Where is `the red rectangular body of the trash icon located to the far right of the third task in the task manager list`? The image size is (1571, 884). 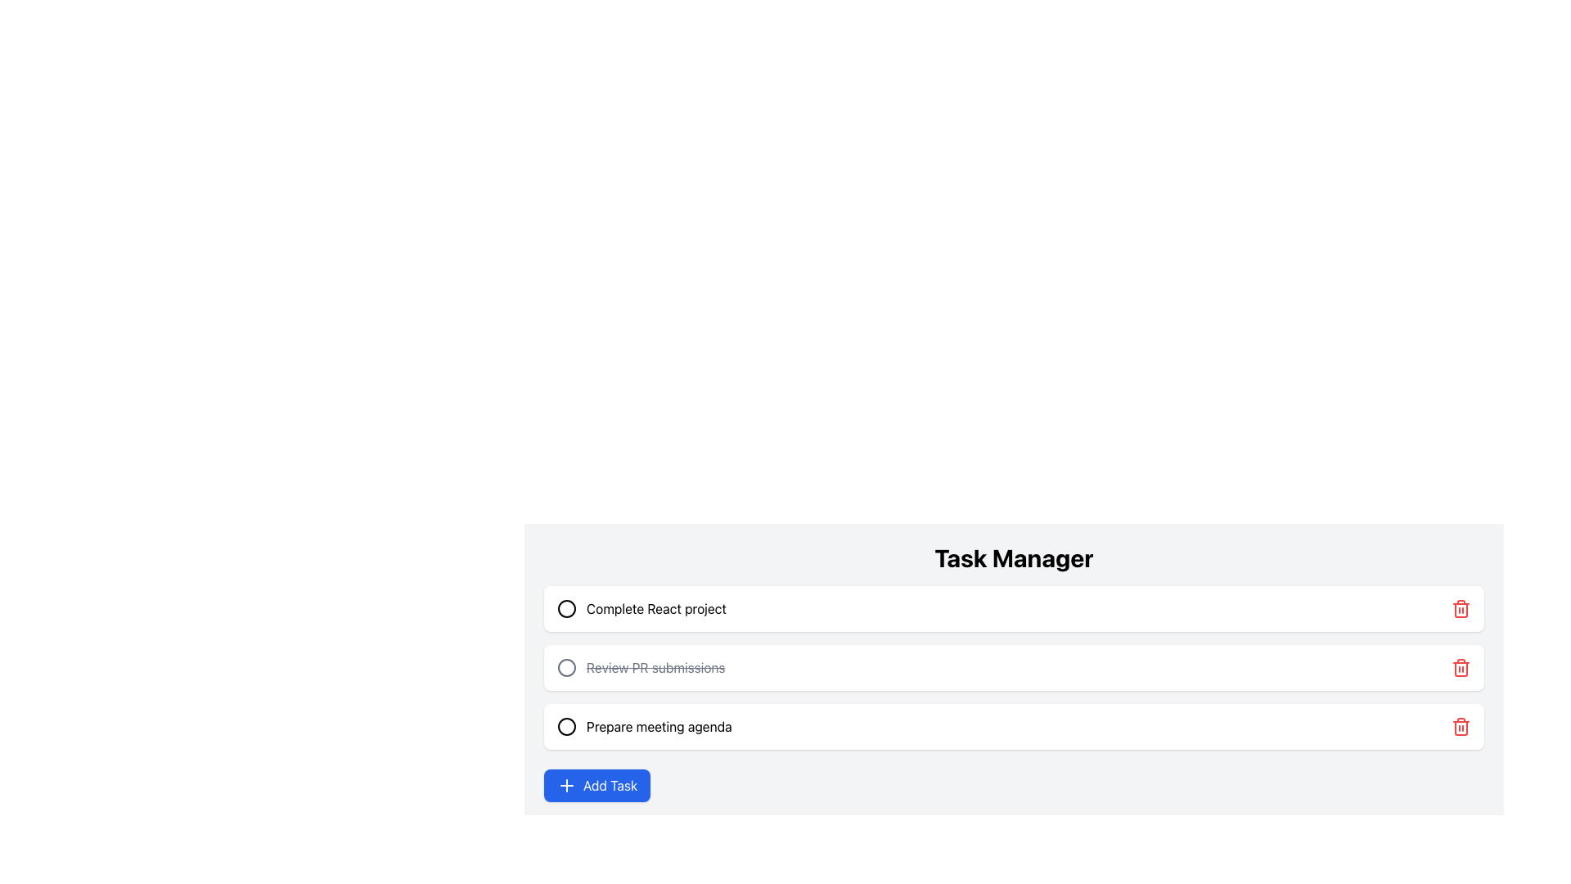
the red rectangular body of the trash icon located to the far right of the third task in the task manager list is located at coordinates (1461, 669).